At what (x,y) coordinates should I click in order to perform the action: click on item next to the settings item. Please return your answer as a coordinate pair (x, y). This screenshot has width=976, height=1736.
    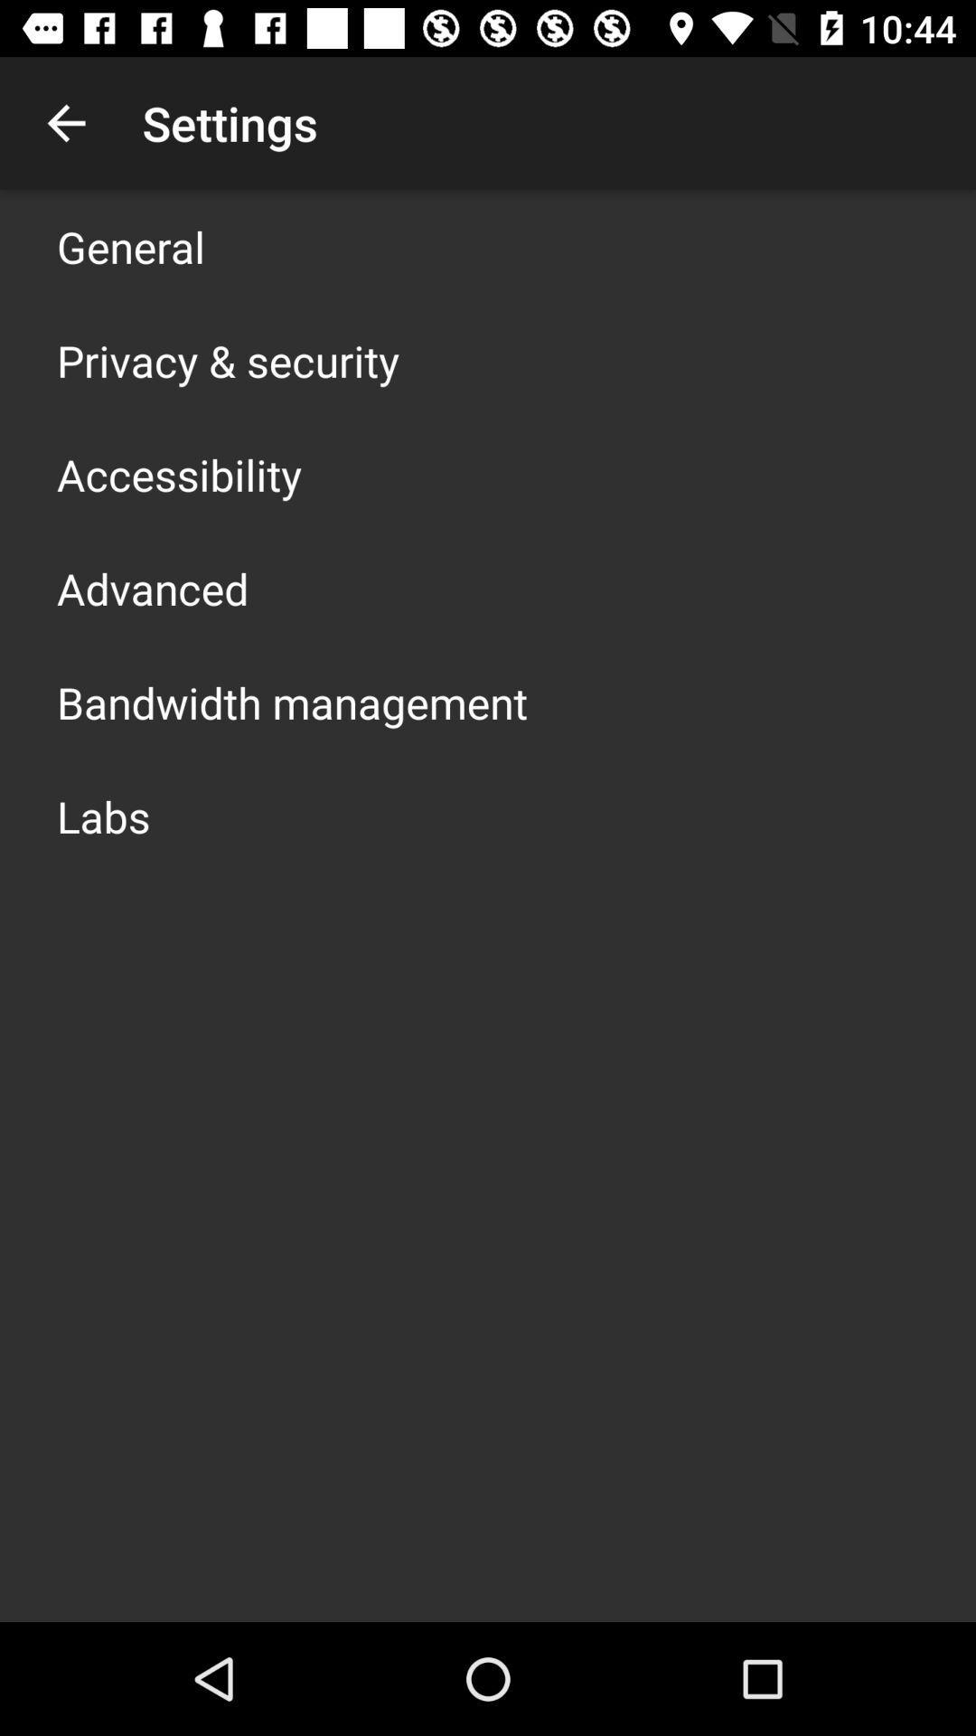
    Looking at the image, I should click on (65, 122).